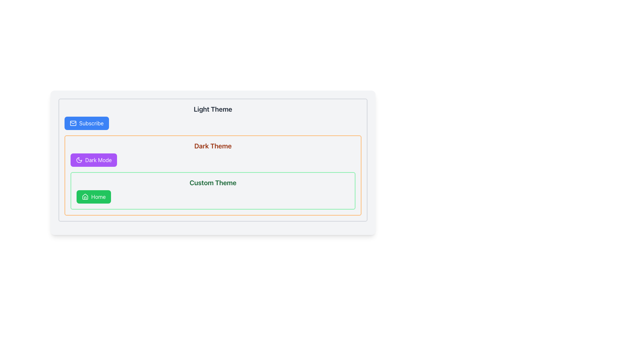  I want to click on the 'Dark Mode' button, which is a rectangular button with rounded corners, a purple background, and white text, so click(93, 160).